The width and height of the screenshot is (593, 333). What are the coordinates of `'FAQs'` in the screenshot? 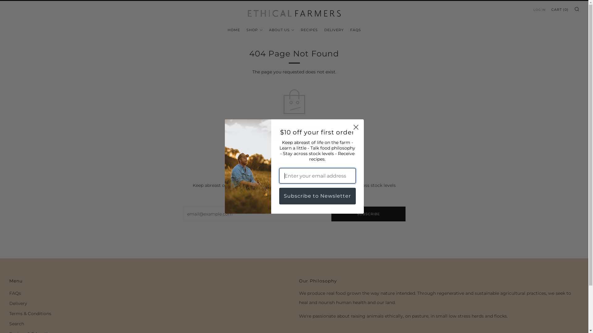 It's located at (15, 293).